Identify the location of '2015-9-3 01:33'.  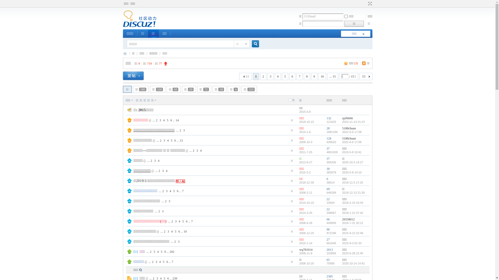
(342, 243).